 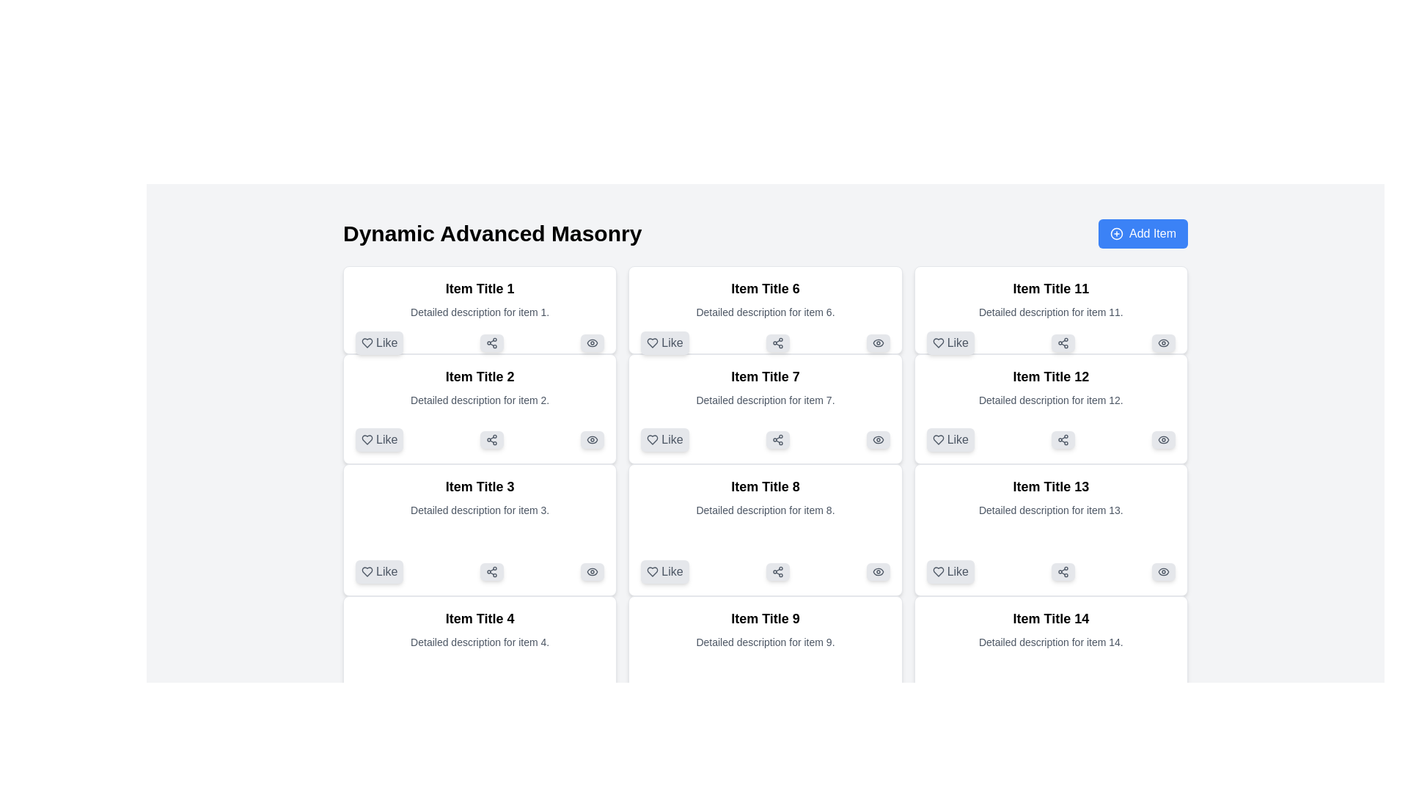 What do you see at coordinates (492, 342) in the screenshot?
I see `the 'Share' button located directly below the 'Like' button for 'Item Title 1' to view the context menu` at bounding box center [492, 342].